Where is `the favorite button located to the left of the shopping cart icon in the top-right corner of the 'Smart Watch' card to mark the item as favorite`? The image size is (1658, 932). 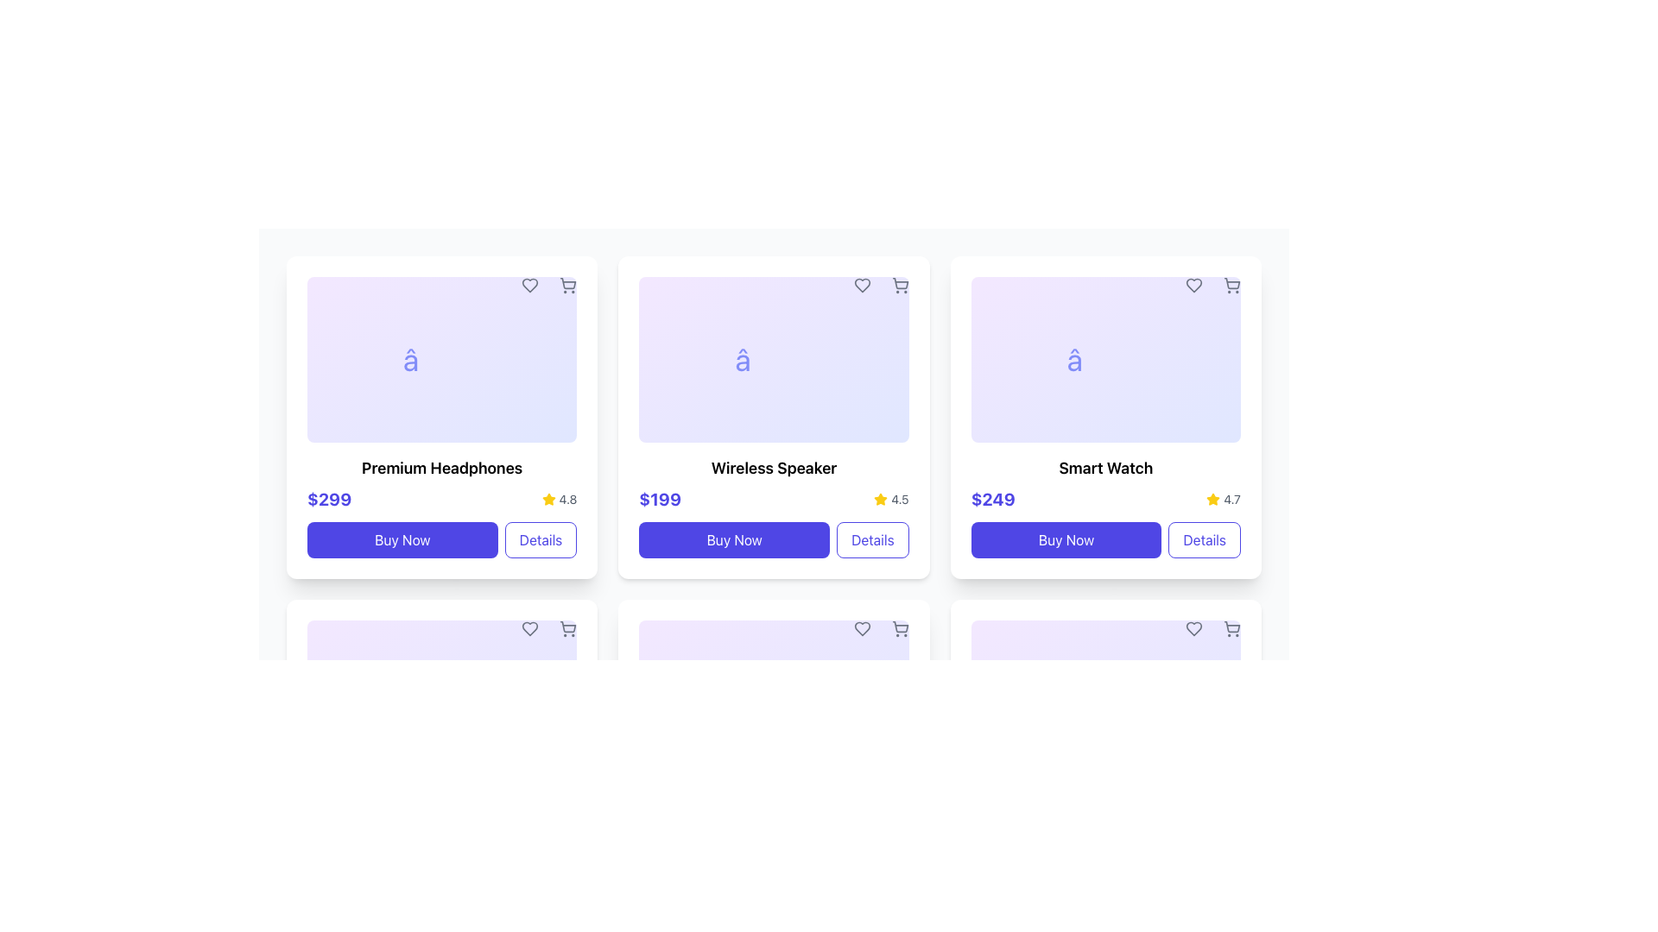 the favorite button located to the left of the shopping cart icon in the top-right corner of the 'Smart Watch' card to mark the item as favorite is located at coordinates (1193, 629).